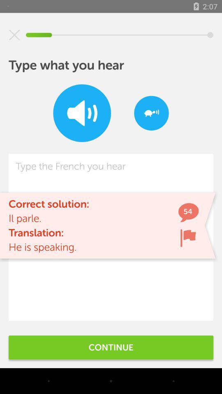  I want to click on the star icon, so click(14, 35).